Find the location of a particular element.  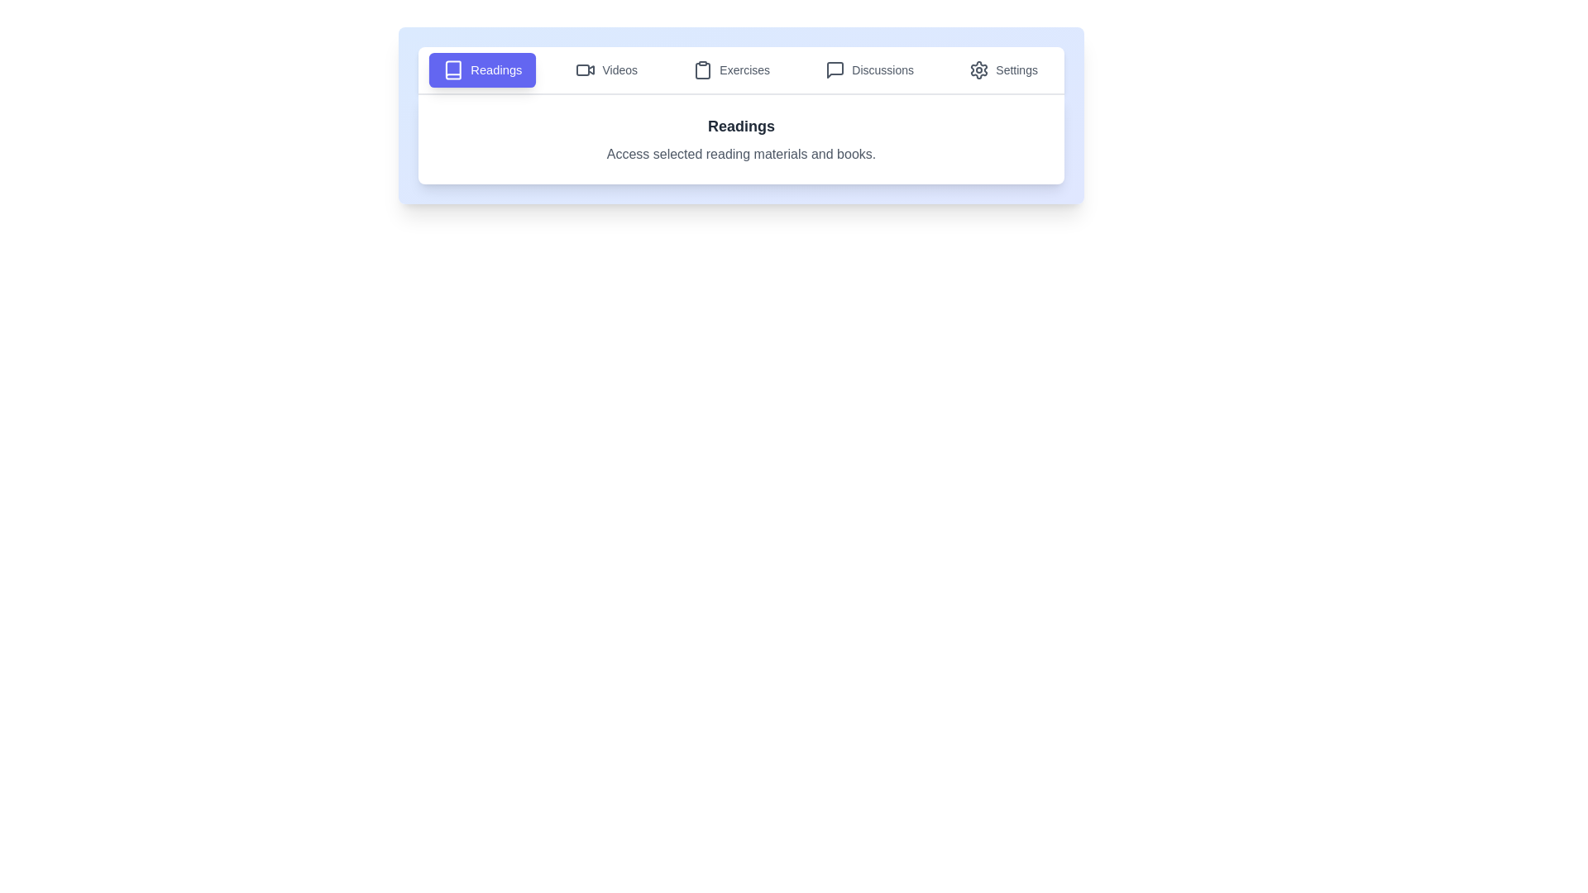

the Readings tab to view its content is located at coordinates (481, 69).